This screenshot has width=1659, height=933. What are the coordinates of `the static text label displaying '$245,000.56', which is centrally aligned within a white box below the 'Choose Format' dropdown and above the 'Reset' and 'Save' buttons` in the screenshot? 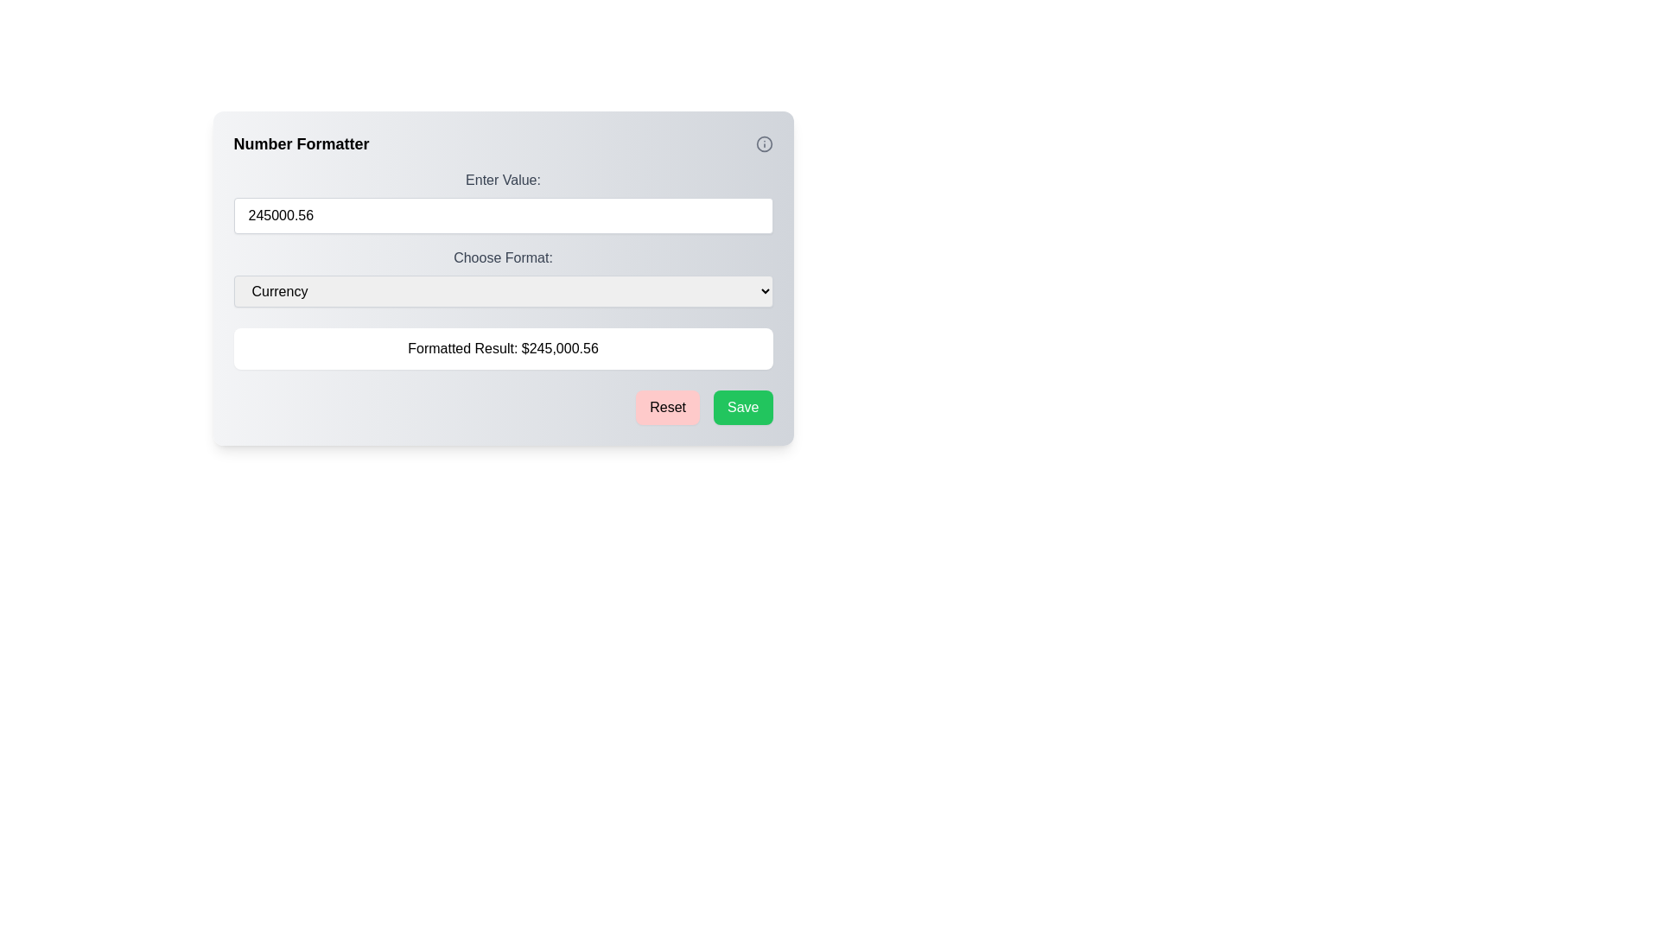 It's located at (560, 348).